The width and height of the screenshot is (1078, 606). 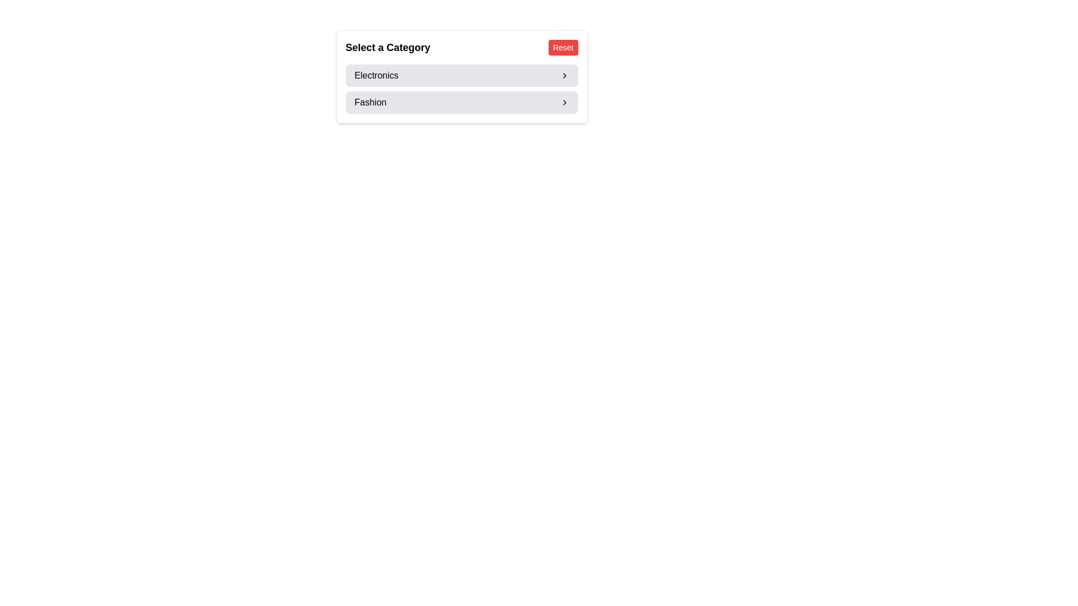 What do you see at coordinates (564, 76) in the screenshot?
I see `the rightward chevron icon next to the 'Electronics' text, which indicates navigation or progression` at bounding box center [564, 76].